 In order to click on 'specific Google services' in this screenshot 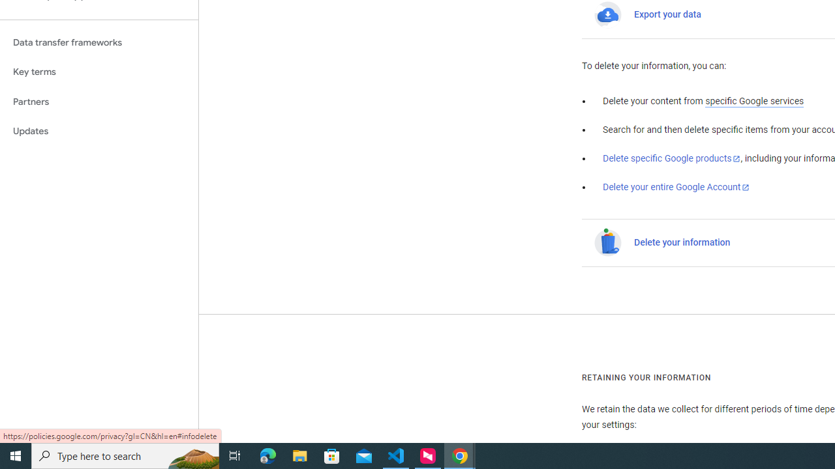, I will do `click(755, 101)`.